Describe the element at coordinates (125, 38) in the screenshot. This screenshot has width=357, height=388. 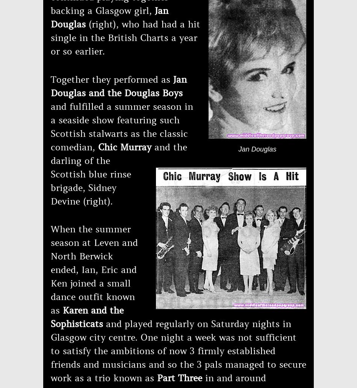
I see `'(right), who had had a hit single in the British Charts a year or so earlier.'` at that location.